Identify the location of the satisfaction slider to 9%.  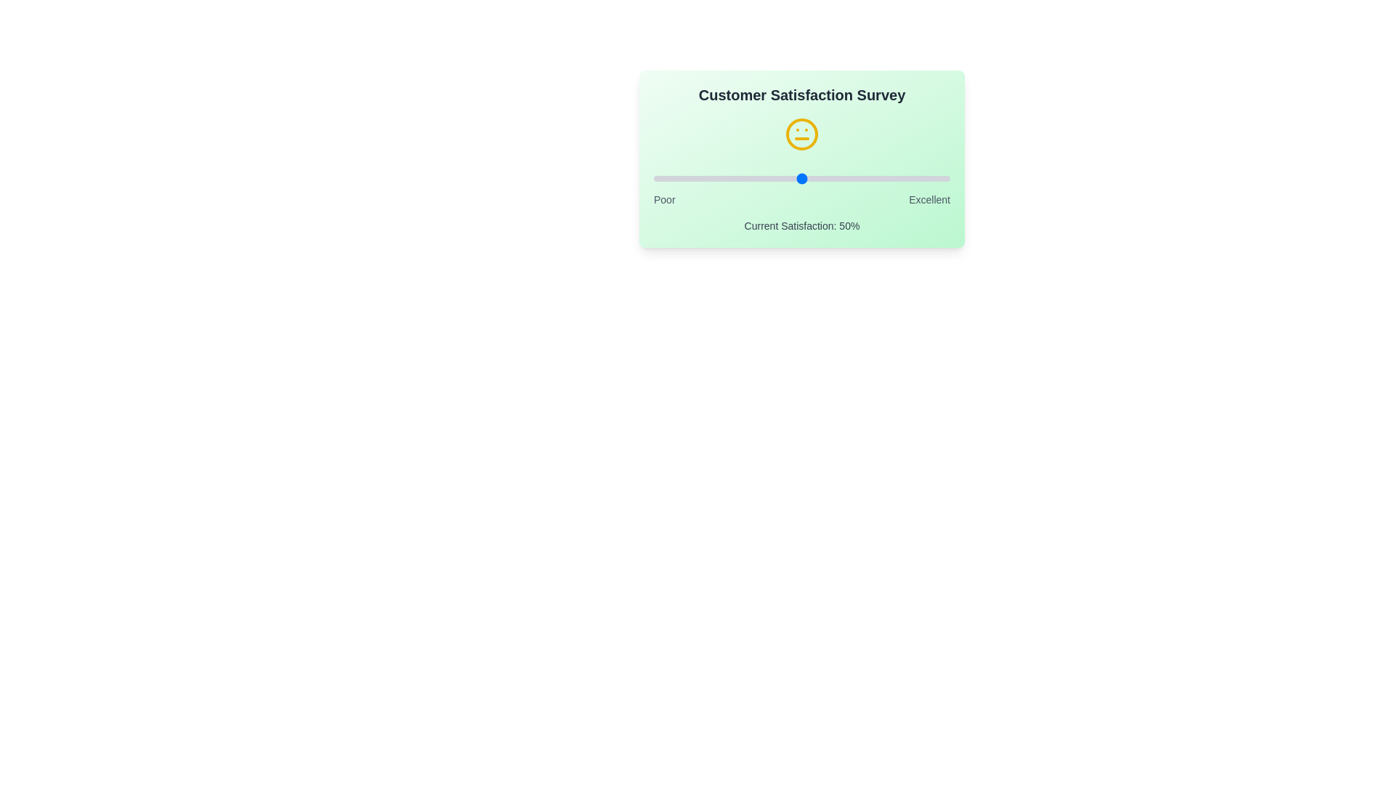
(679, 178).